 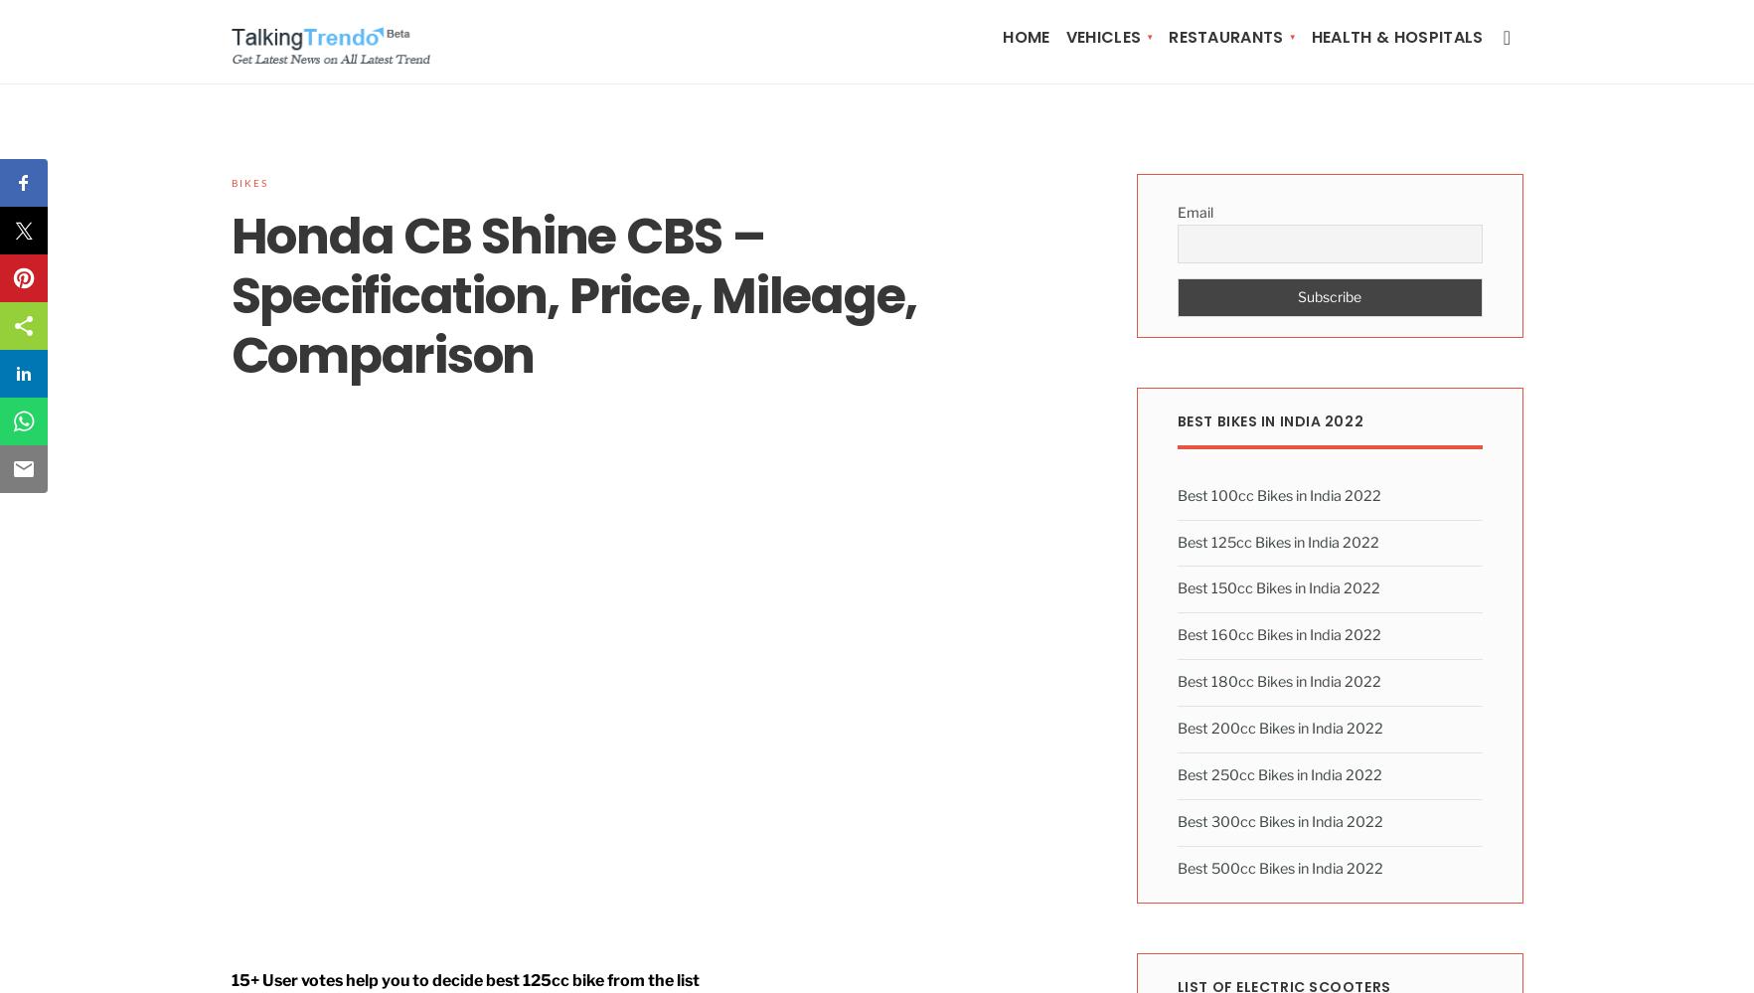 What do you see at coordinates (1270, 418) in the screenshot?
I see `'Best Bikes in India 2022'` at bounding box center [1270, 418].